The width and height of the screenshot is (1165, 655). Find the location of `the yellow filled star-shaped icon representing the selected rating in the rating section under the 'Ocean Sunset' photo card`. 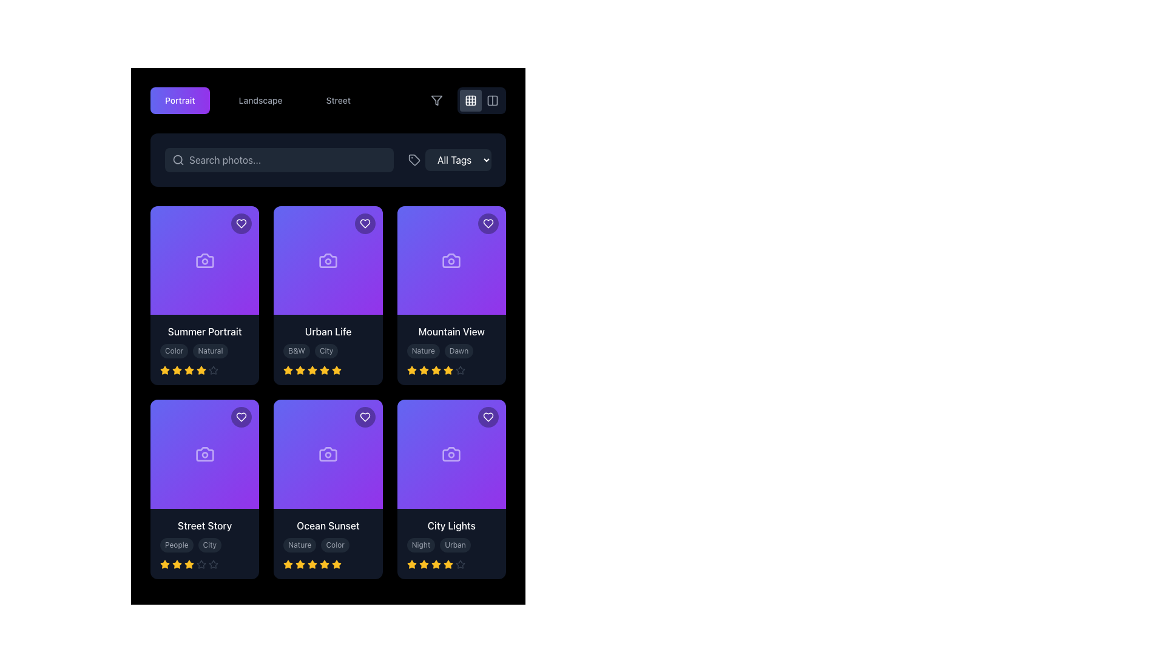

the yellow filled star-shaped icon representing the selected rating in the rating section under the 'Ocean Sunset' photo card is located at coordinates (288, 564).